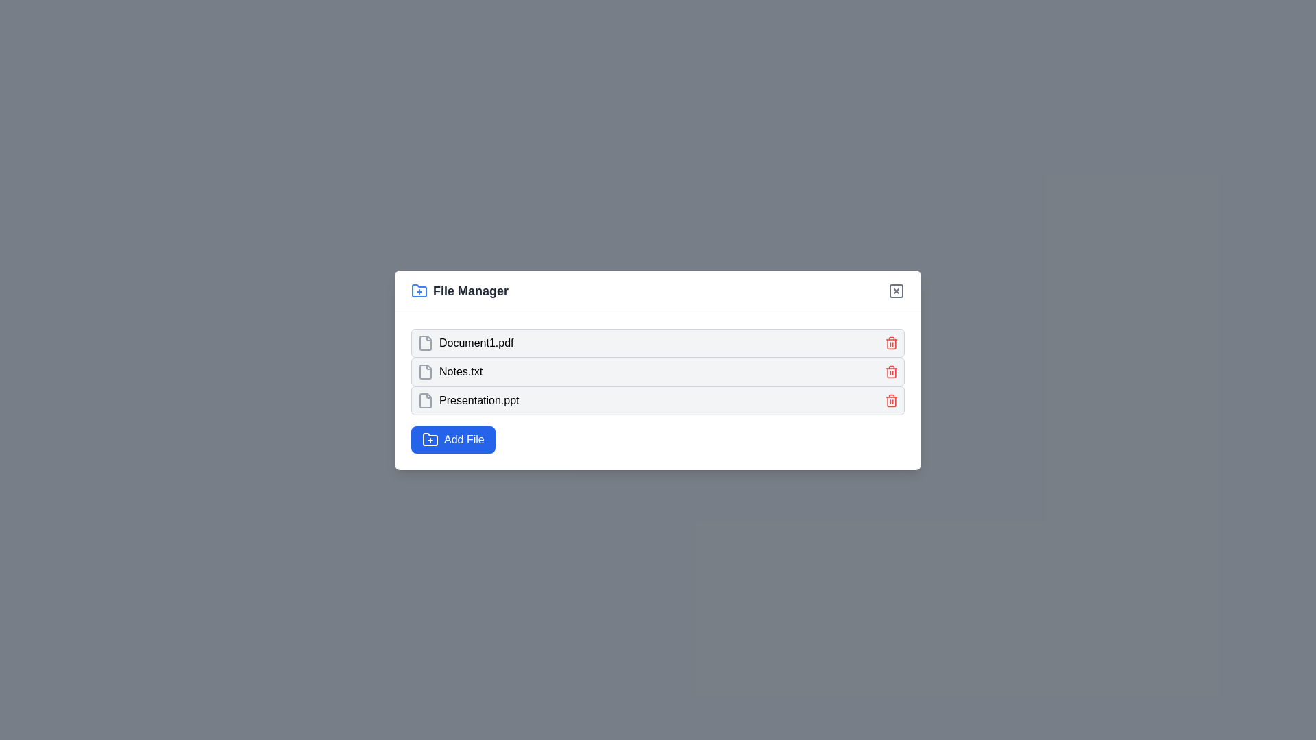  What do you see at coordinates (464, 439) in the screenshot?
I see `the button labeled with an icon` at bounding box center [464, 439].